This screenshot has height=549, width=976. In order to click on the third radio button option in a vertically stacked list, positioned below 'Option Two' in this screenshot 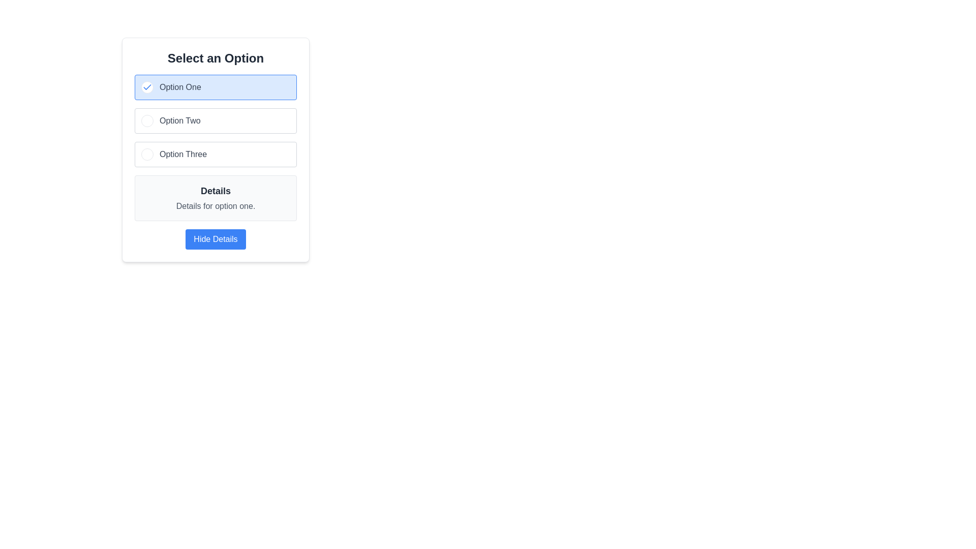, I will do `click(215, 155)`.